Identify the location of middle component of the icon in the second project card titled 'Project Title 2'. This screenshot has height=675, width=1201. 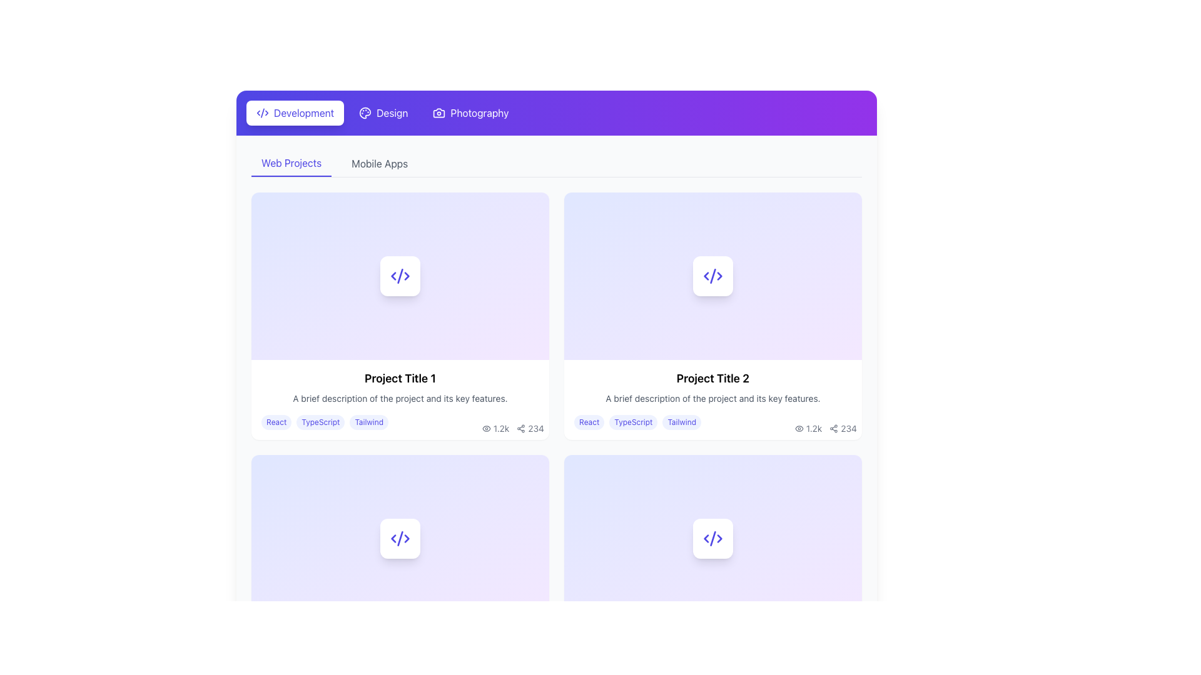
(713, 274).